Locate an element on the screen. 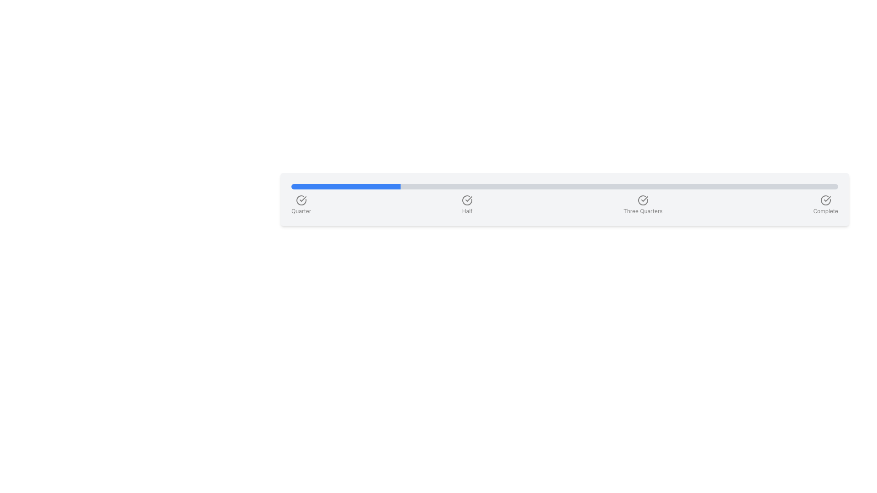 This screenshot has height=493, width=877. the circular check mark icon that indicates the completed status of the 'Three Quarters' milestone in the progress indicator is located at coordinates (642, 200).